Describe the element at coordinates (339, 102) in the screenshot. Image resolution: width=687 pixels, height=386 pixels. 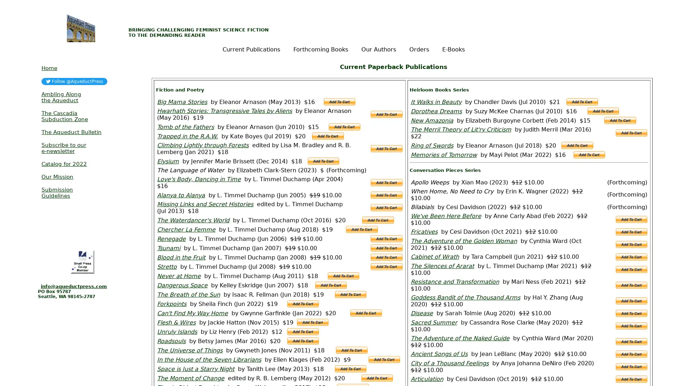
I see `Make payments with PayPal - it\'s fast, free and secure!` at that location.